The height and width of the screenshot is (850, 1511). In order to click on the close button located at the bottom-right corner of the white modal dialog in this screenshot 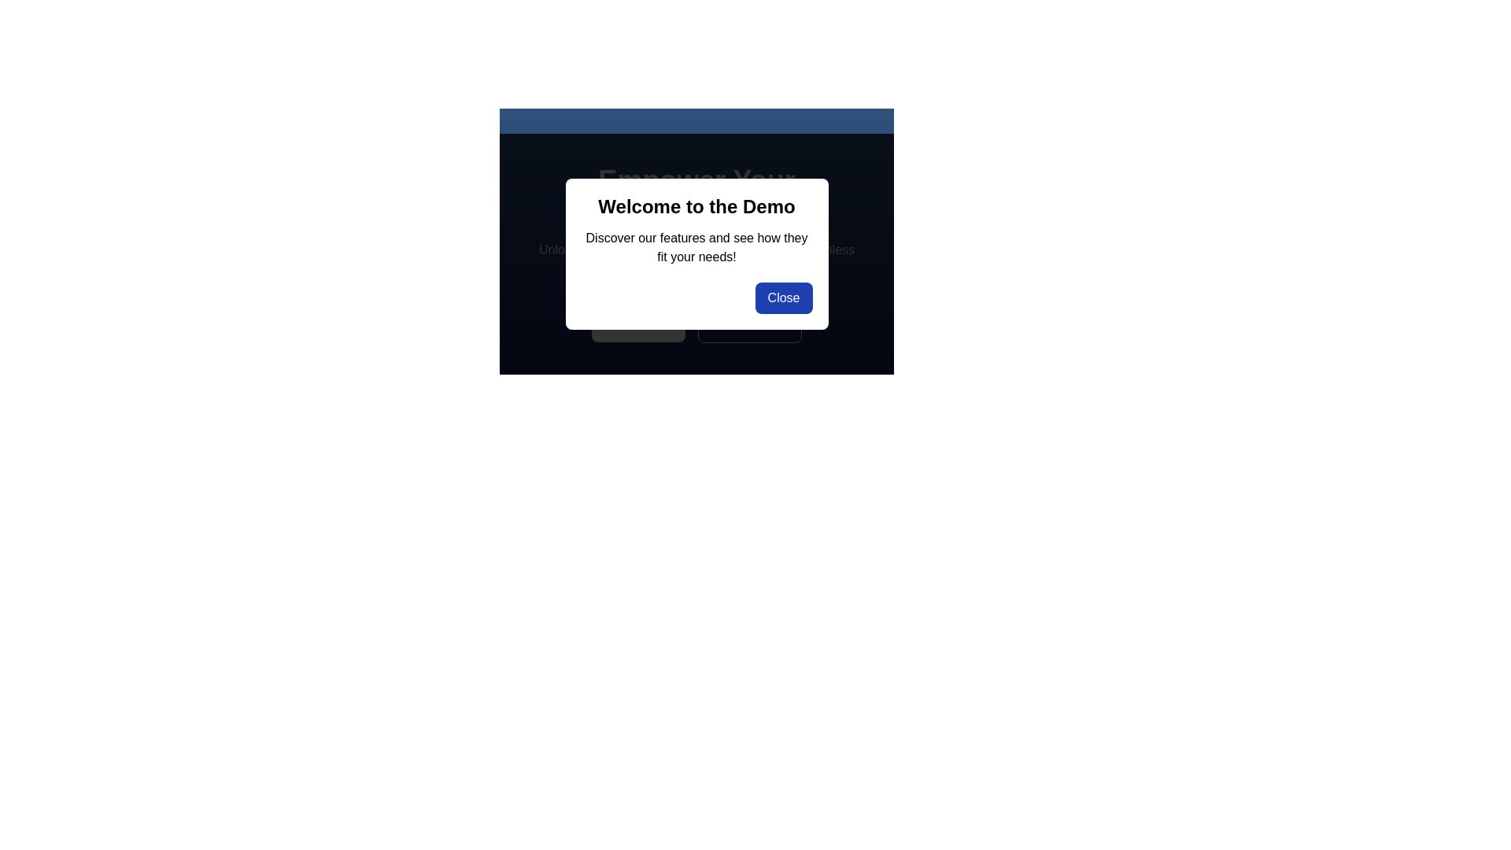, I will do `click(784, 297)`.